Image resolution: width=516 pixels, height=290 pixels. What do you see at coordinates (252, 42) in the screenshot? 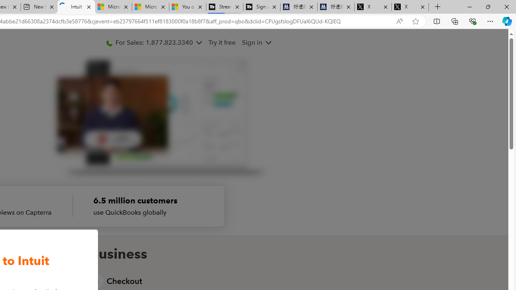
I see `'Sign in'` at bounding box center [252, 42].